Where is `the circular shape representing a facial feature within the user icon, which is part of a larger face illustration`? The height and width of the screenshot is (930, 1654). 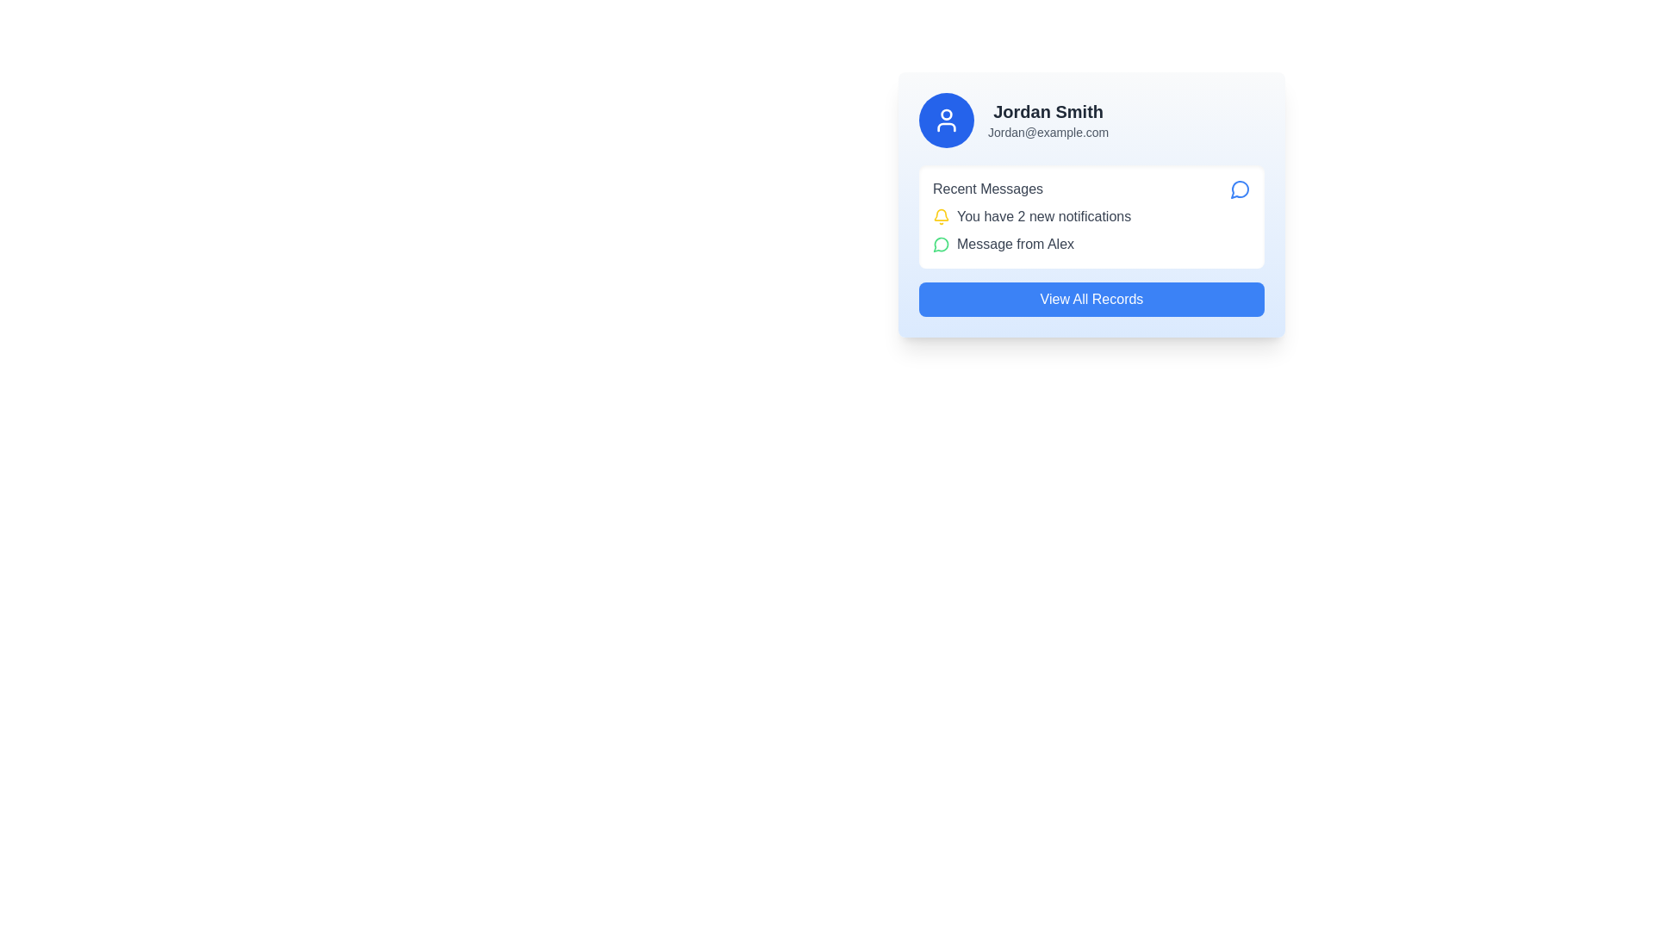 the circular shape representing a facial feature within the user icon, which is part of a larger face illustration is located at coordinates (946, 114).